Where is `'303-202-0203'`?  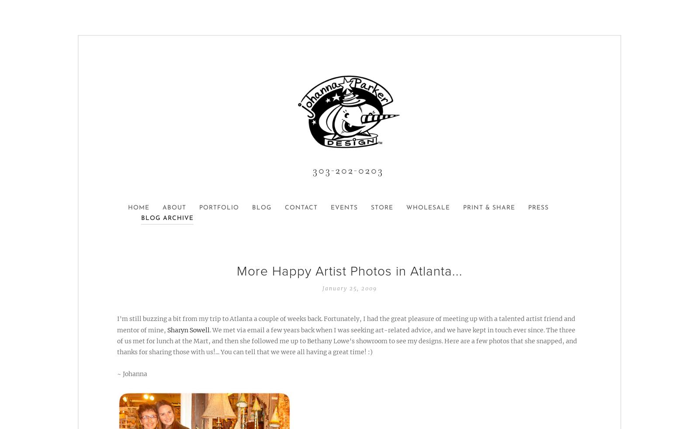 '303-202-0203' is located at coordinates (349, 170).